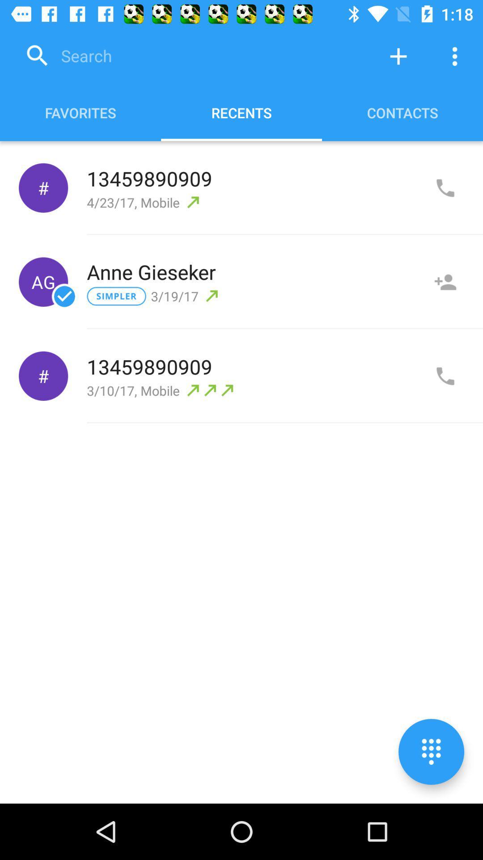 The image size is (483, 860). What do you see at coordinates (194, 56) in the screenshot?
I see `search` at bounding box center [194, 56].